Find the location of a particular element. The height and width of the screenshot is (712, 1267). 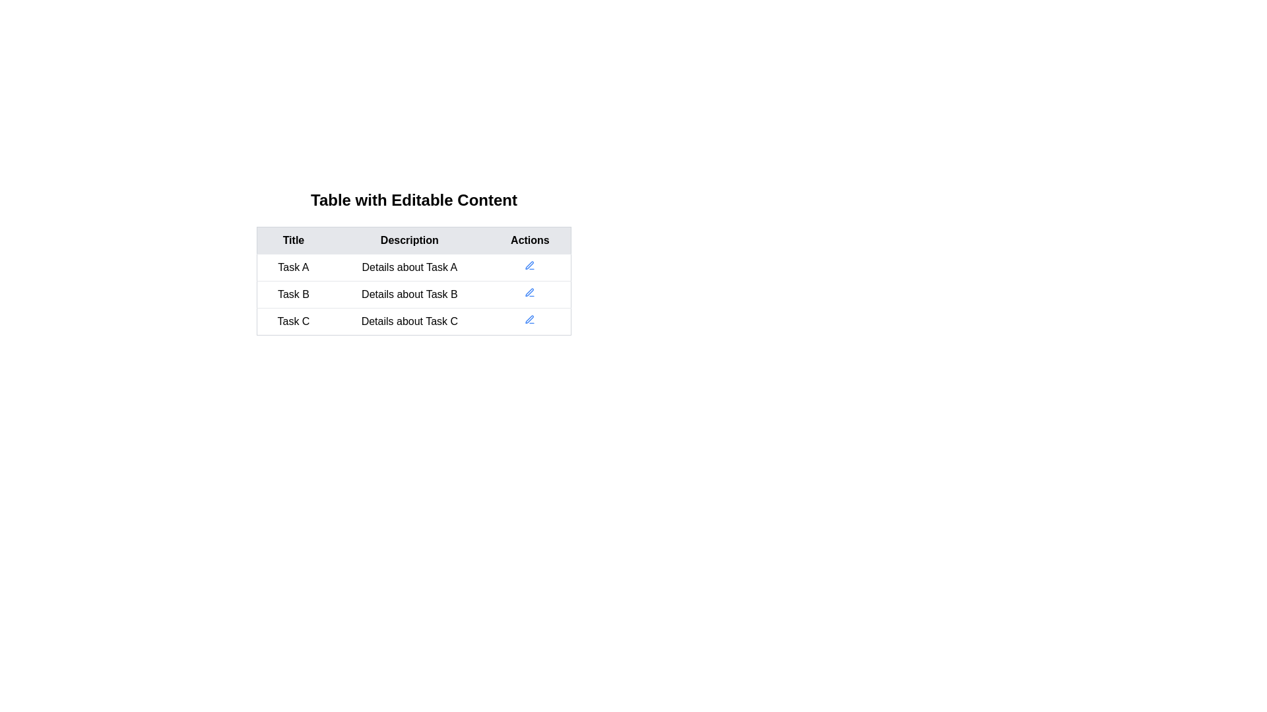

text content displayed in the Text display block under the 'Description' column for 'Task C' is located at coordinates (408, 322).